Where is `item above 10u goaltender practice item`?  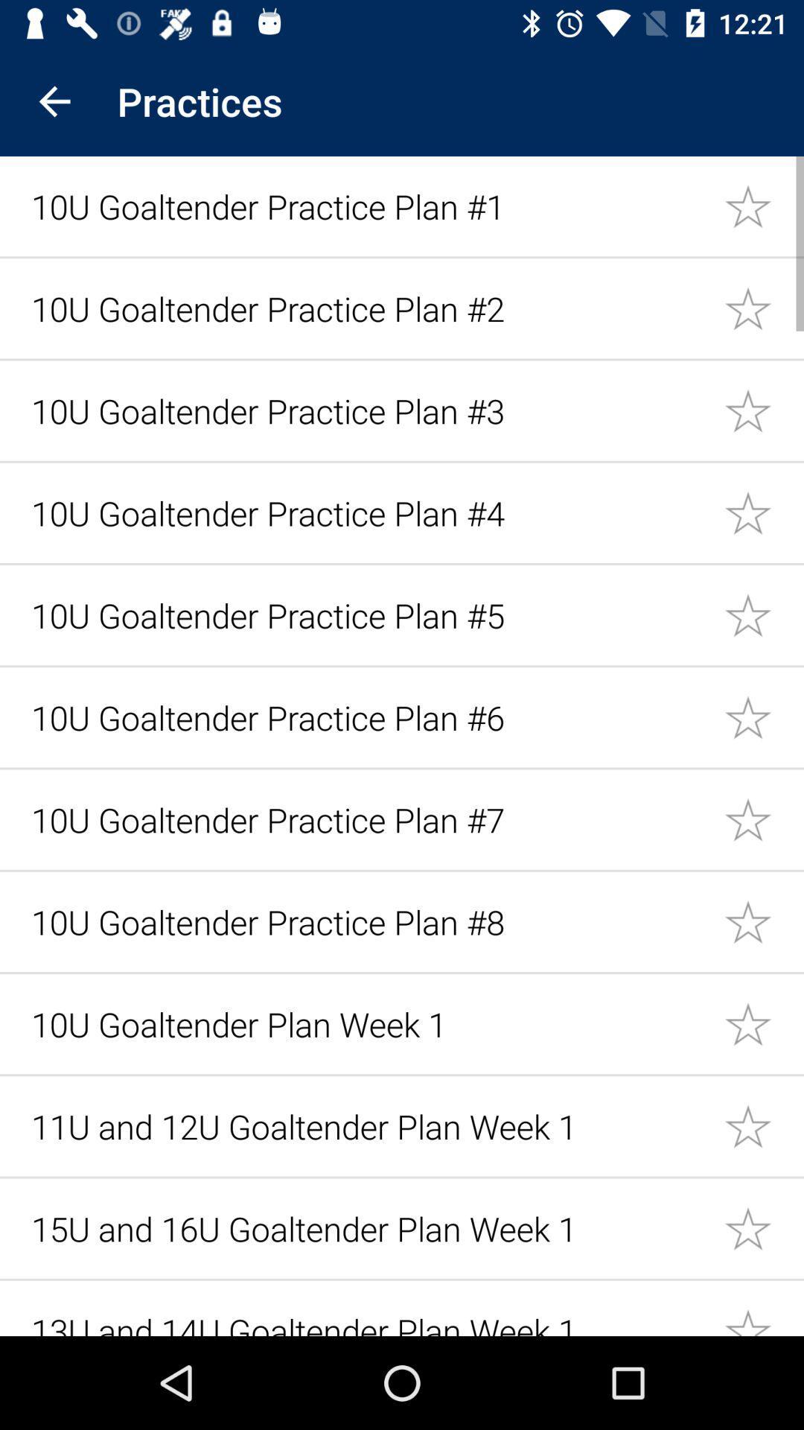 item above 10u goaltender practice item is located at coordinates (54, 101).